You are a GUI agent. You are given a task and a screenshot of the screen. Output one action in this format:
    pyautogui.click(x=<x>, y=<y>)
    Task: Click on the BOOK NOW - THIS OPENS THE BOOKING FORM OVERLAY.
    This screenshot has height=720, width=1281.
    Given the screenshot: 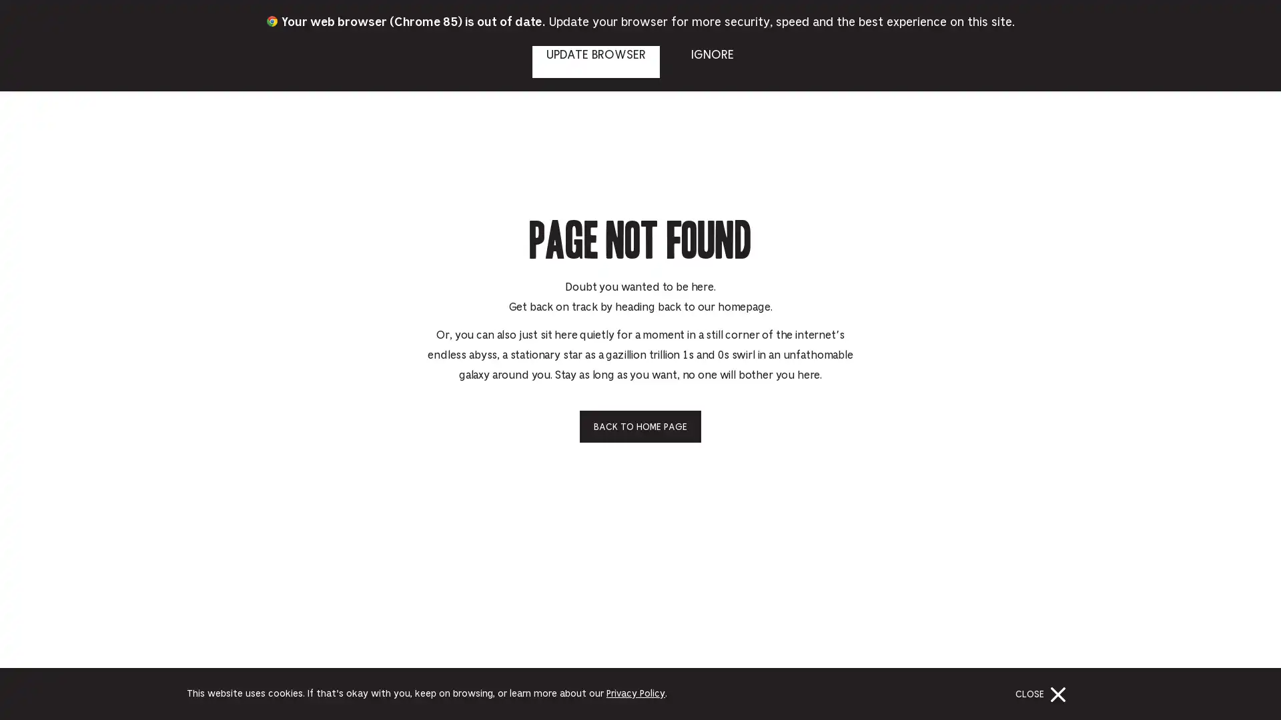 What is the action you would take?
    pyautogui.click(x=1220, y=23)
    